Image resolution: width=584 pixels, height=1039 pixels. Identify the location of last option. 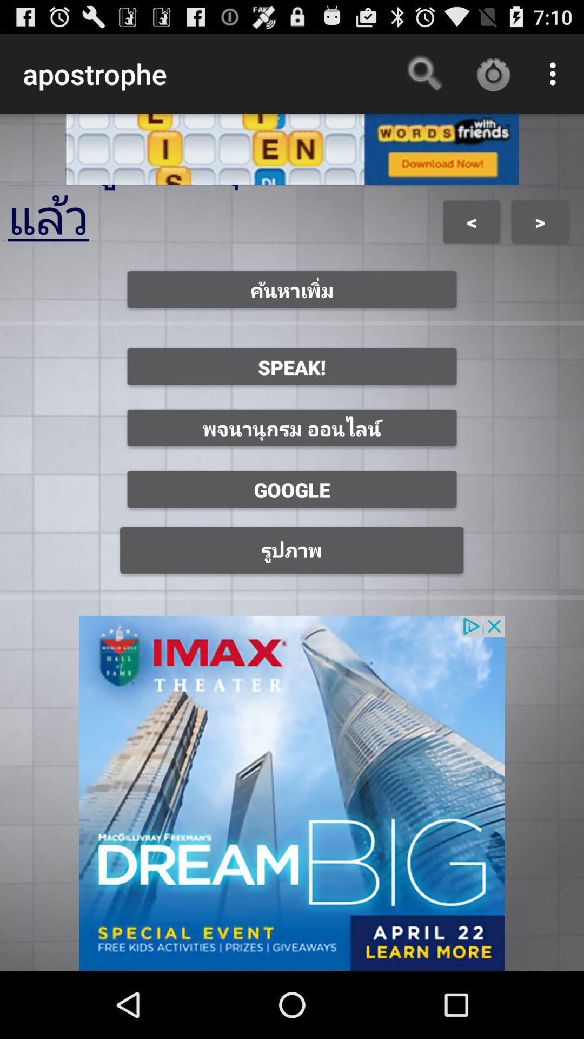
(292, 550).